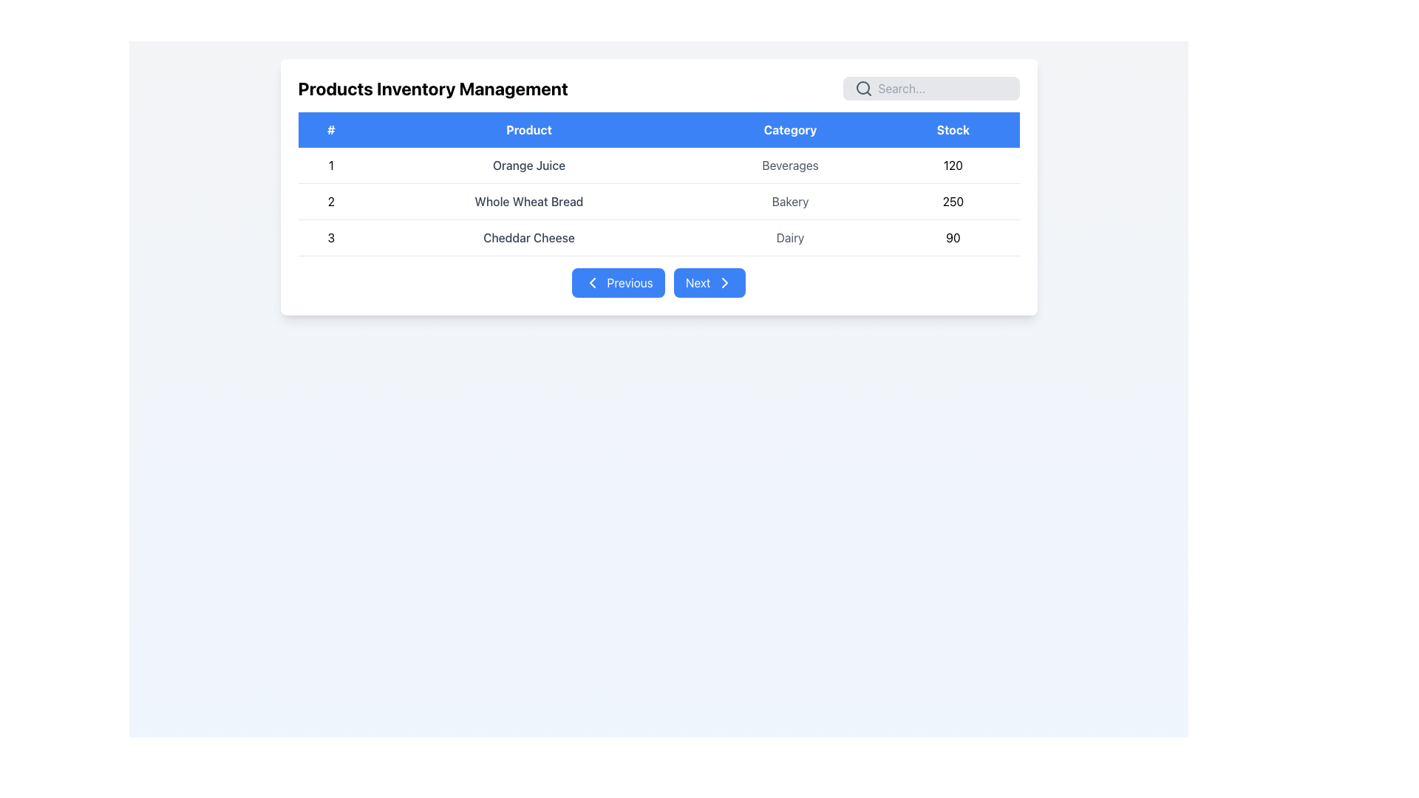 This screenshot has height=798, width=1419. Describe the element at coordinates (658, 202) in the screenshot. I see `the second row of the product table displaying 'Whole Wheat Bread'` at that location.